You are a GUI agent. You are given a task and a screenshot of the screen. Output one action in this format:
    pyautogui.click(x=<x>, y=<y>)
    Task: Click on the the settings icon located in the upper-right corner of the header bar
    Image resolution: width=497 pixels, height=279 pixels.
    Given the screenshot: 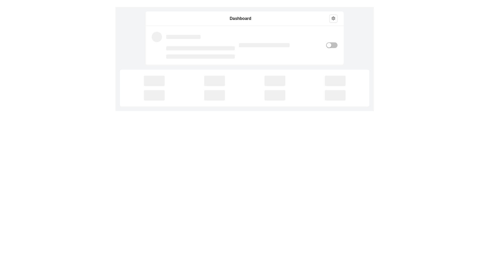 What is the action you would take?
    pyautogui.click(x=333, y=18)
    